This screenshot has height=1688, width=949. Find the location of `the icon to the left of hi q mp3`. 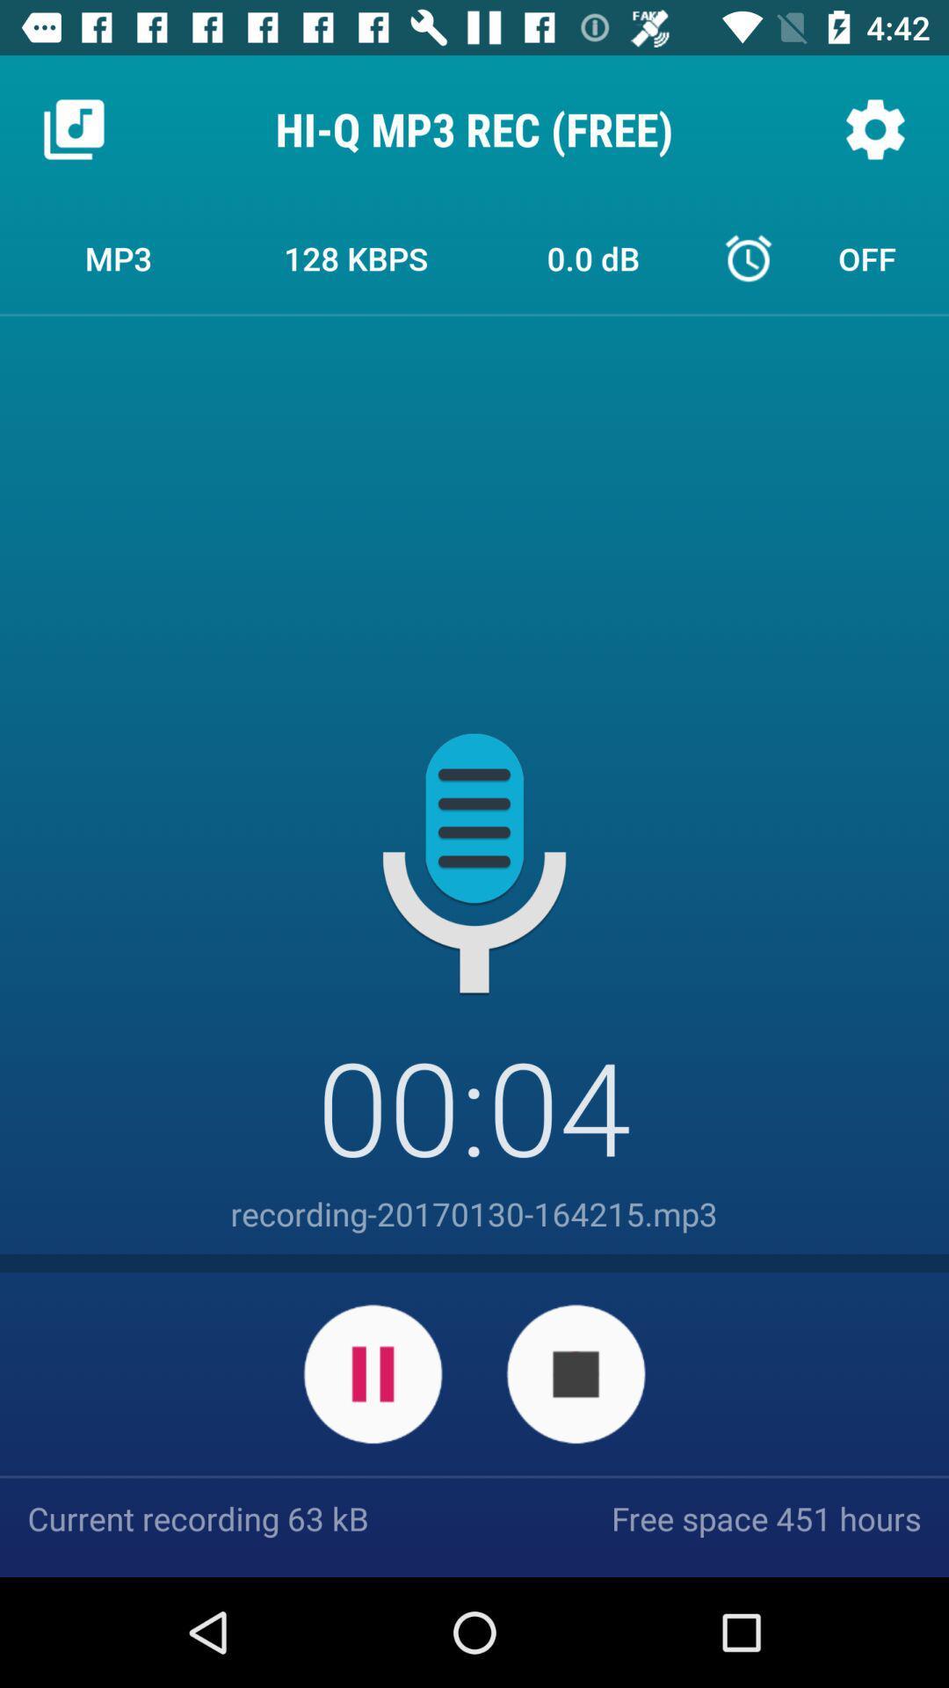

the icon to the left of hi q mp3 is located at coordinates (73, 128).